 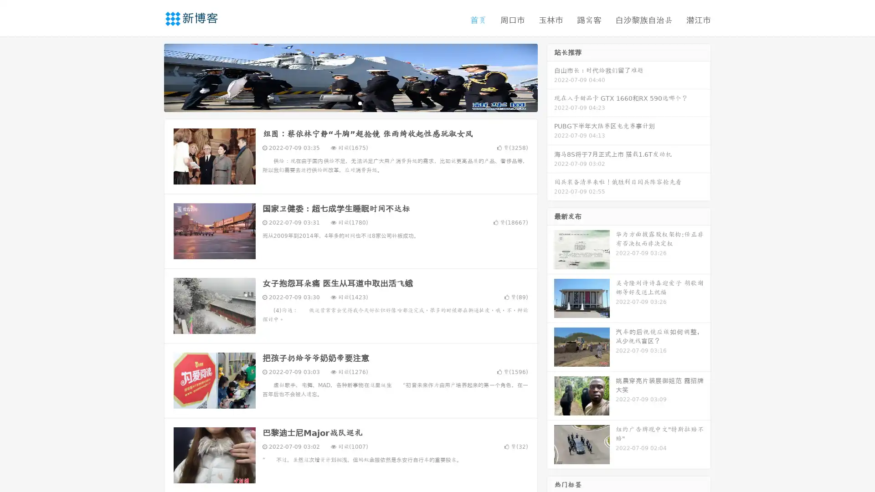 I want to click on Go to slide 3, so click(x=360, y=102).